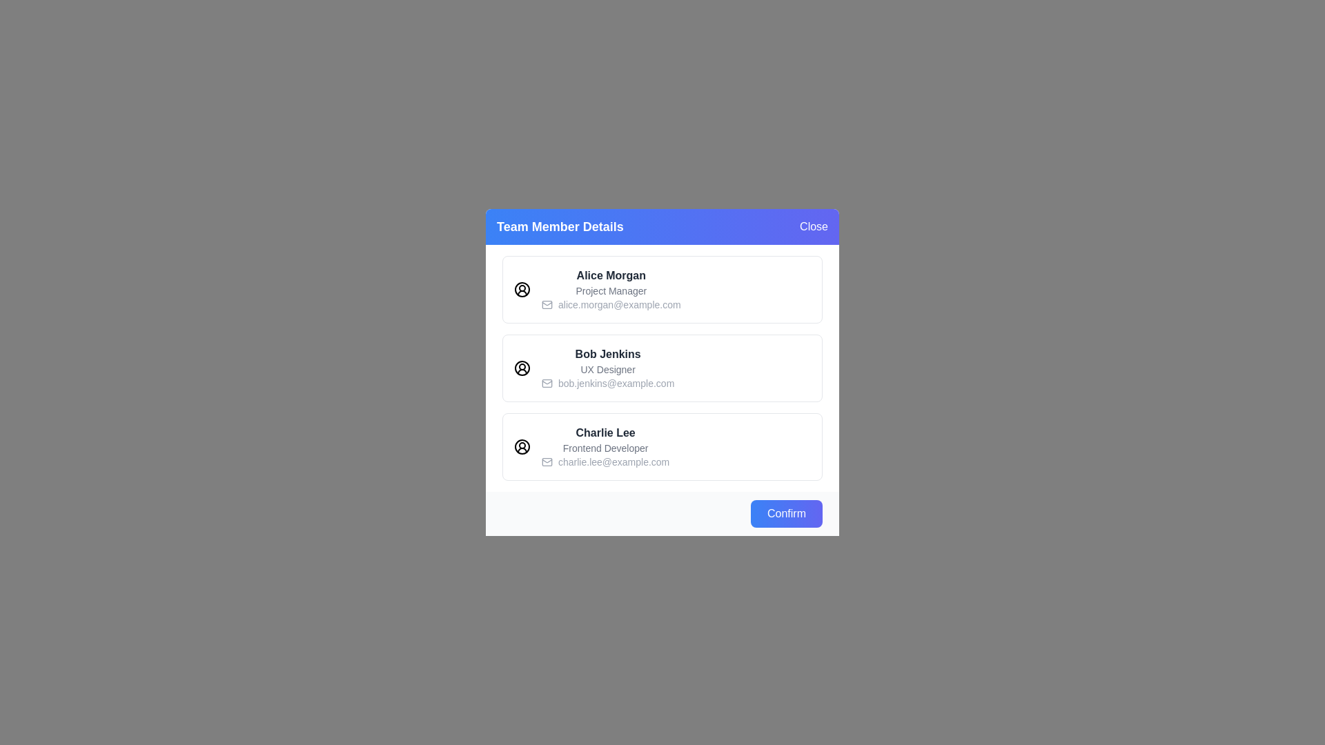 The image size is (1325, 745). I want to click on the email address 'bob.jenkins@example.com' in the Information Card for Bob Jenkins to copy it, so click(662, 372).